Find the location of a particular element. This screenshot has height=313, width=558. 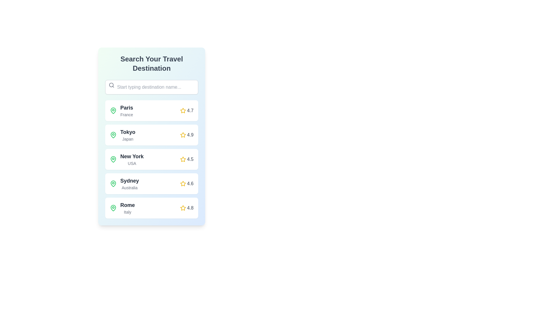

the text block that provides information about the travel destination, located to the right of the green pin icon in the first item of the vertical list of destinations is located at coordinates (126, 110).